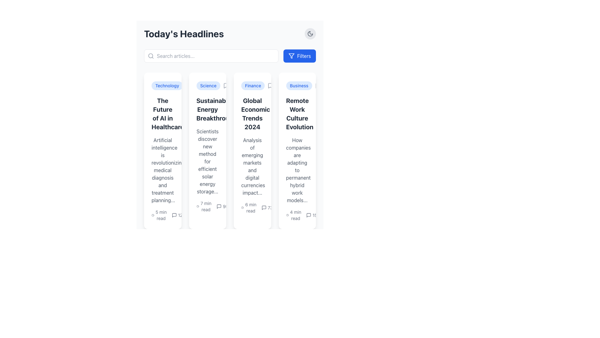 The height and width of the screenshot is (338, 600). I want to click on the Category label at the top of the 'Remote Work Culture Evolution' content block, which indicates the article's category or topic, so click(297, 85).